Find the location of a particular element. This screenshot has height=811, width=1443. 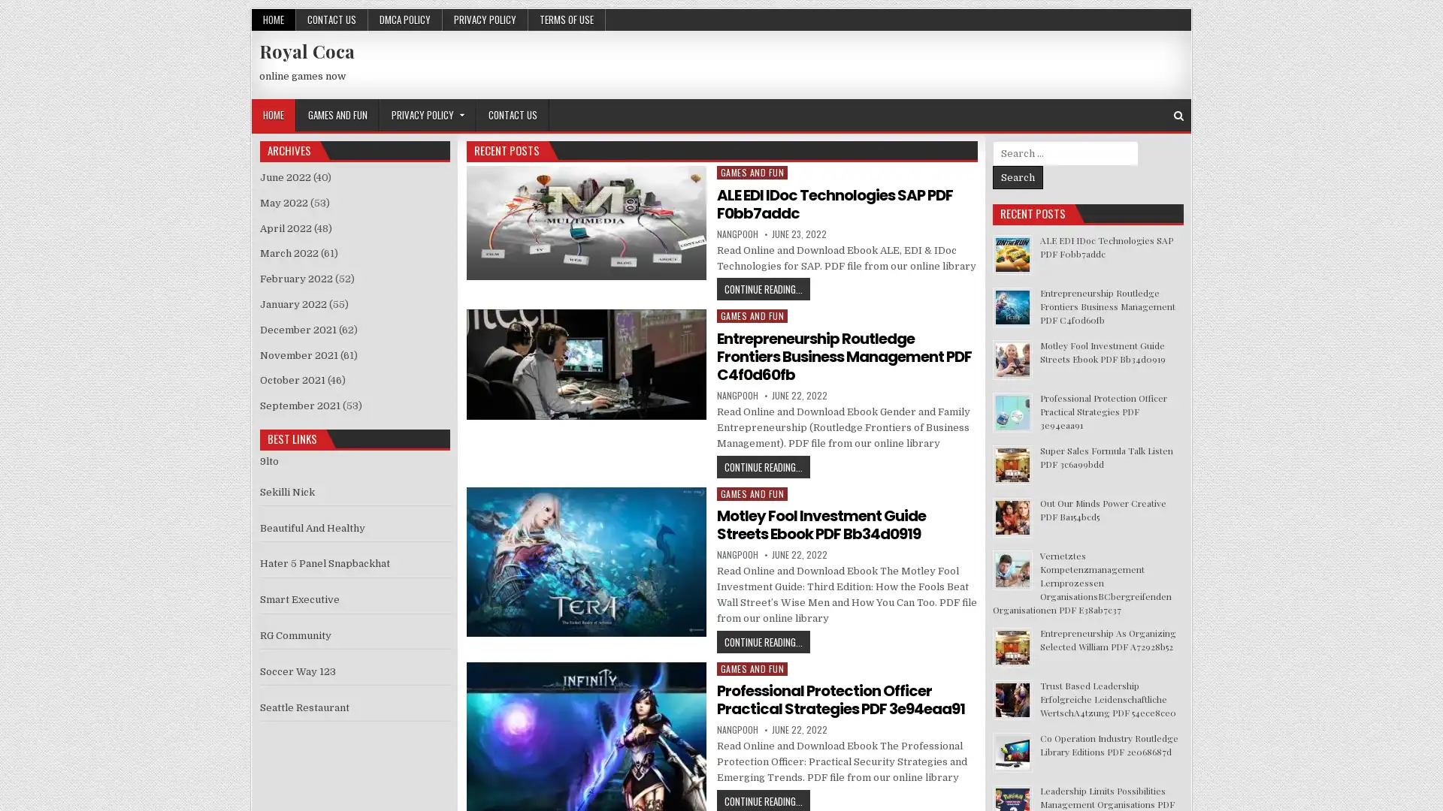

Search is located at coordinates (1018, 176).